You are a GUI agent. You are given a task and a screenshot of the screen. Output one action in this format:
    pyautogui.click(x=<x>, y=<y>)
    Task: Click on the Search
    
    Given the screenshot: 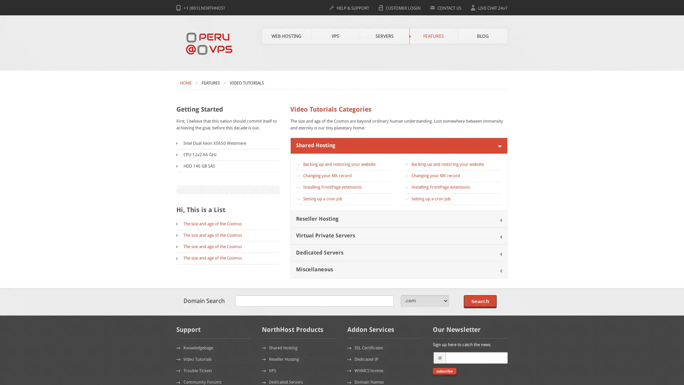 What is the action you would take?
    pyautogui.click(x=480, y=301)
    